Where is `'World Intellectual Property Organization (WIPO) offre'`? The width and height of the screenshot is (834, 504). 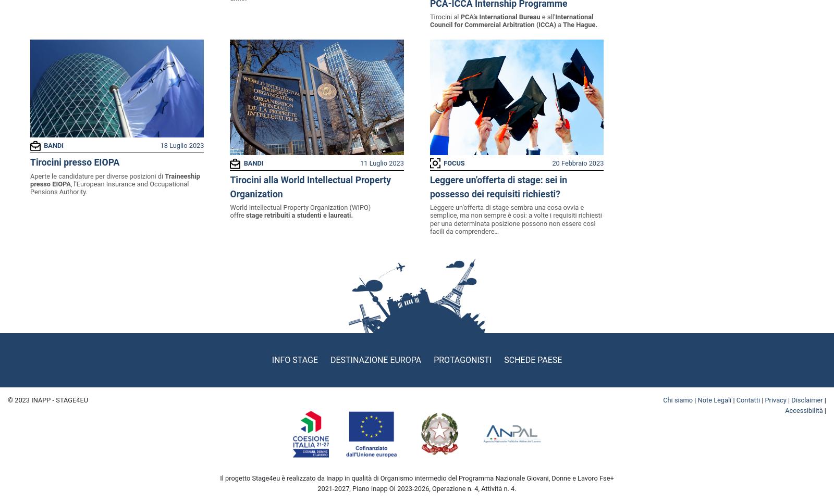 'World Intellectual Property Organization (WIPO) offre' is located at coordinates (300, 211).